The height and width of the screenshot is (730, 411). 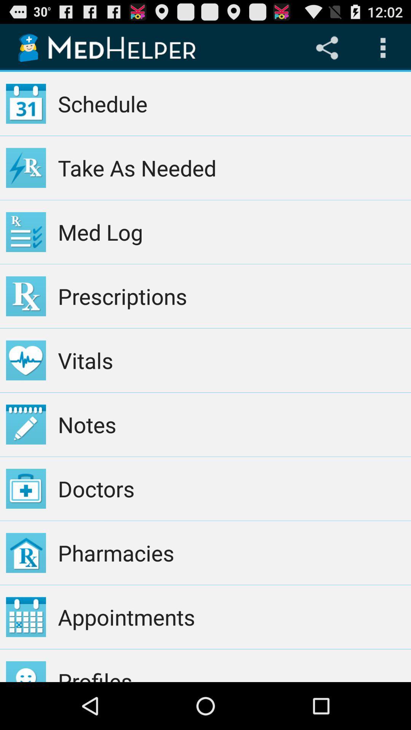 I want to click on the icon above take as needed item, so click(x=231, y=103).